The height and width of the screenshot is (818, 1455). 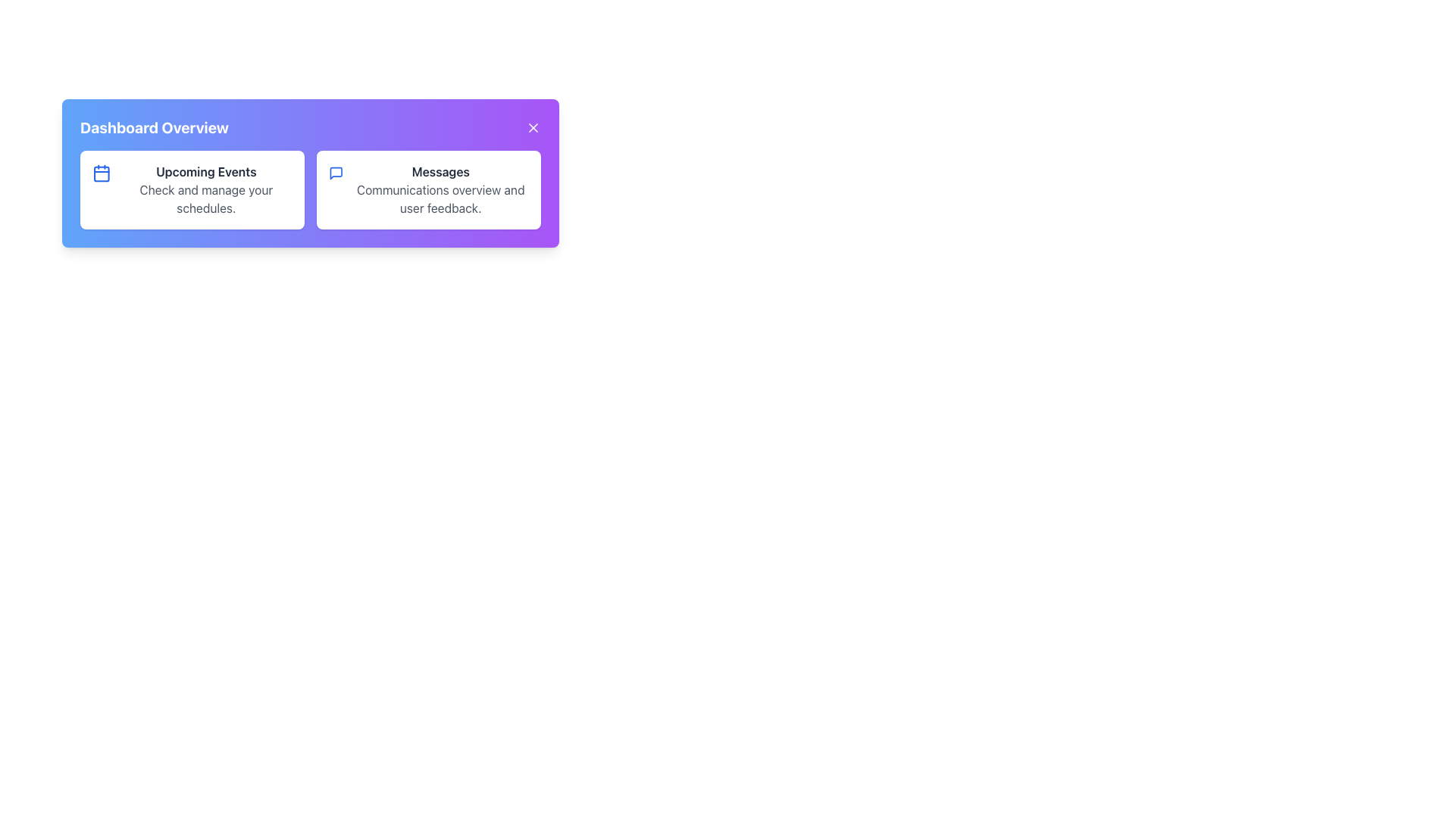 I want to click on the content inside the Informational Card, which is the second card in a two-card layout, positioned on the right side of the Upcoming Events card, so click(x=428, y=189).